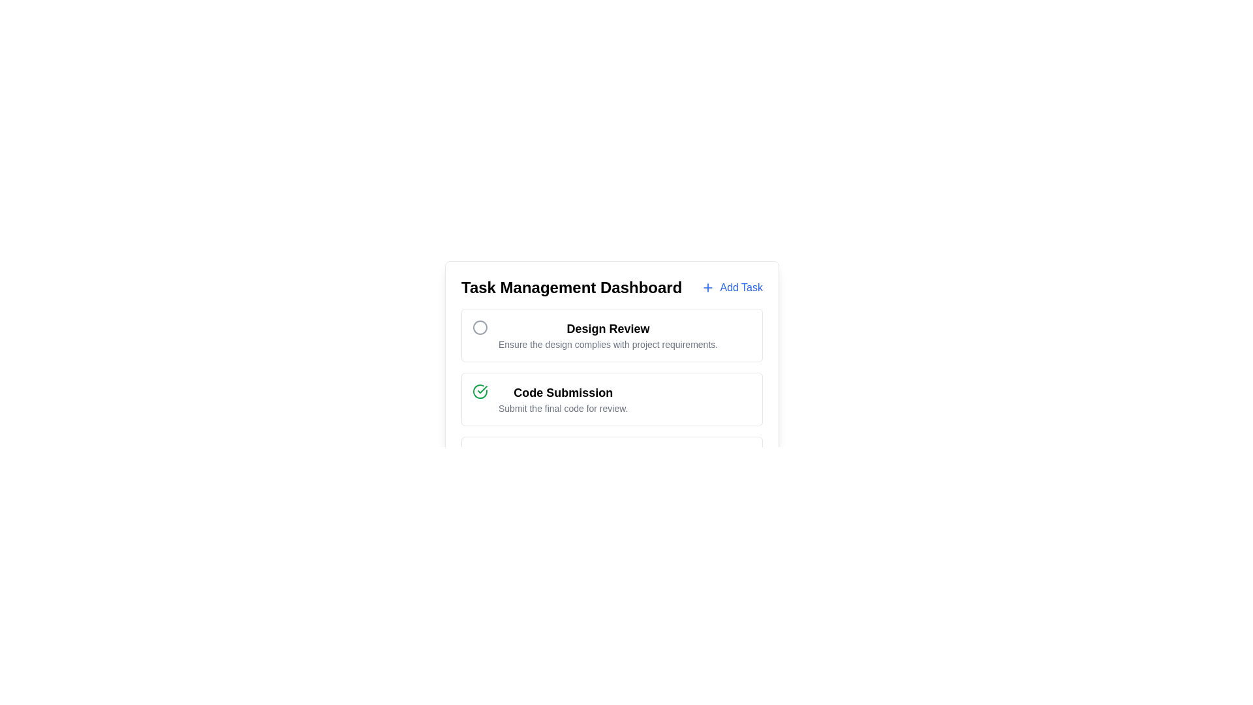 The image size is (1253, 705). I want to click on the second task box in the task management interface, located under the 'Task Management Dashboard' header, so click(611, 399).